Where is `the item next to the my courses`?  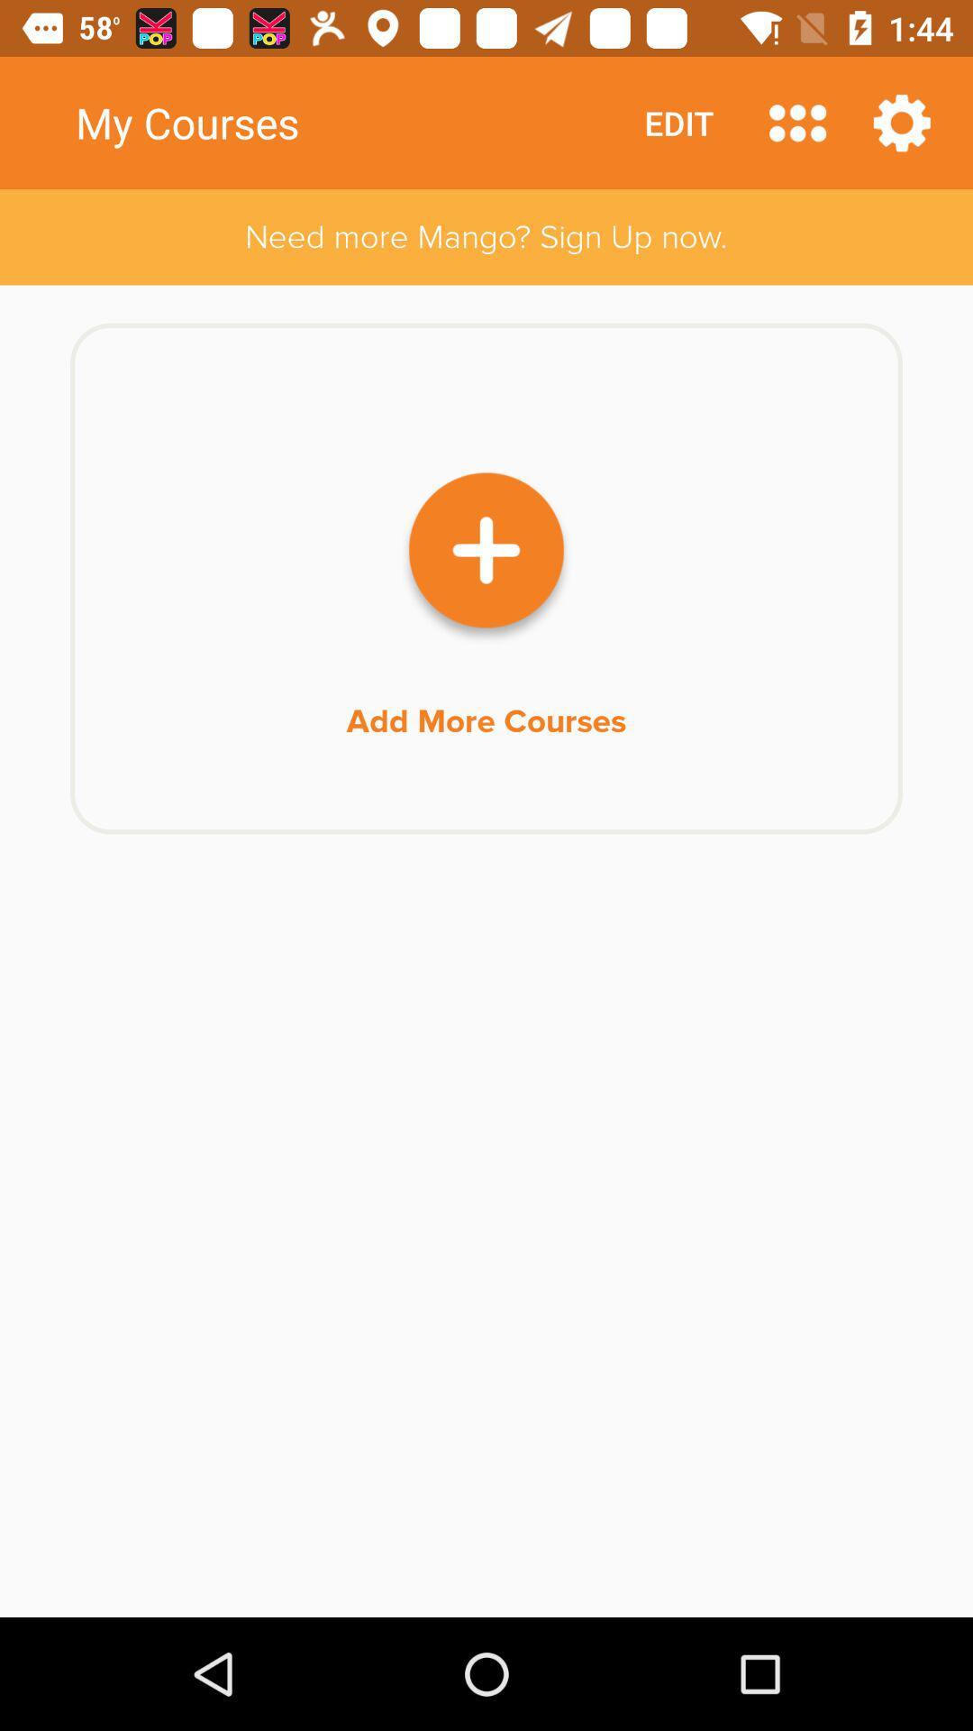
the item next to the my courses is located at coordinates (796, 122).